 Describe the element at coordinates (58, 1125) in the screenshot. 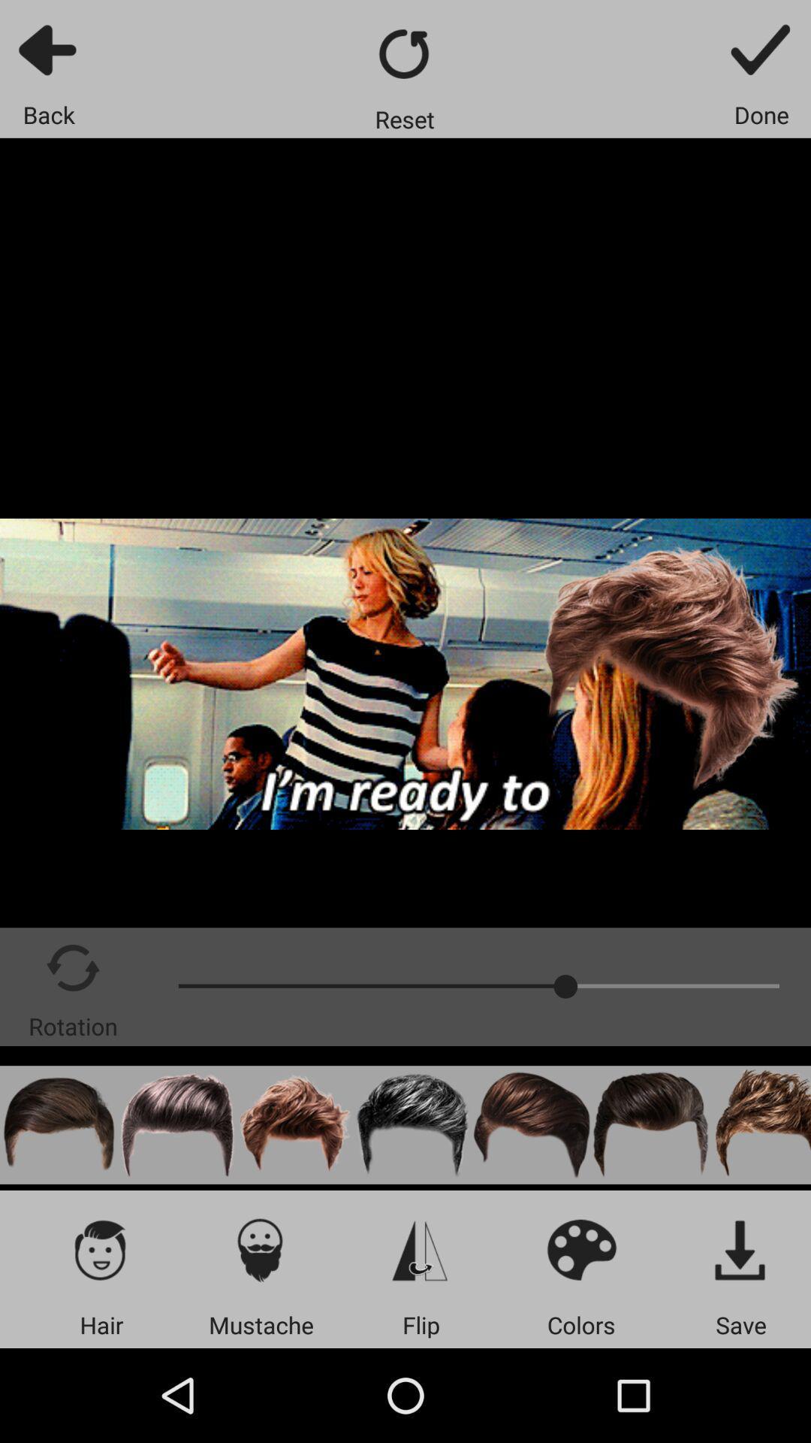

I see `a hairstyle overlay` at that location.